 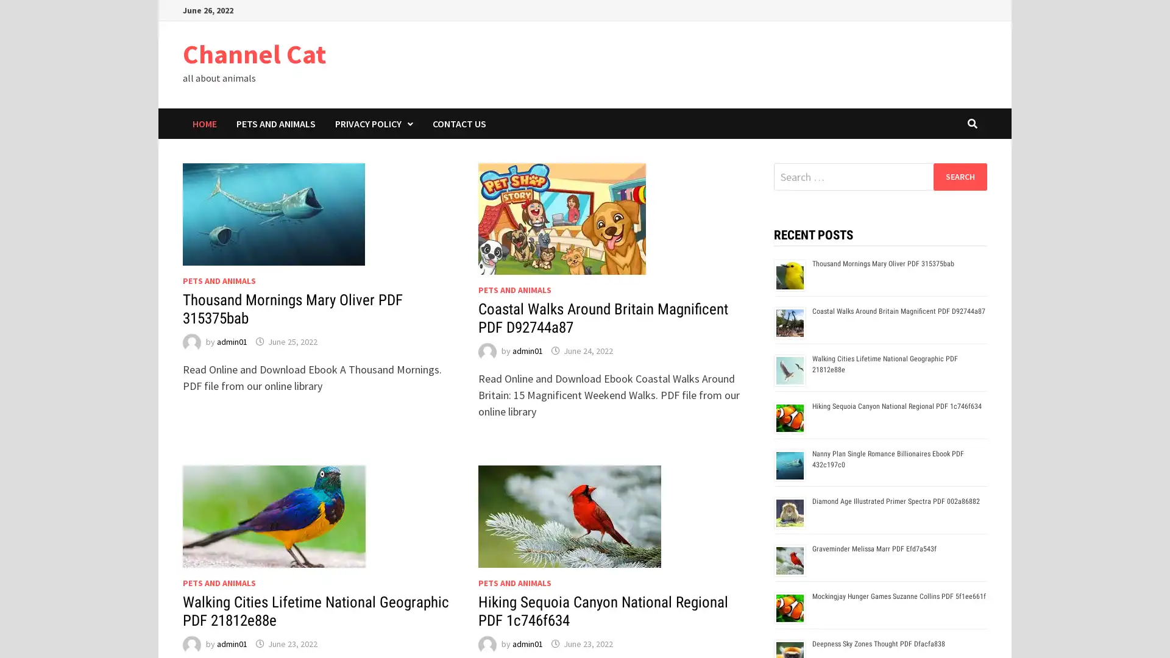 I want to click on Search, so click(x=959, y=176).